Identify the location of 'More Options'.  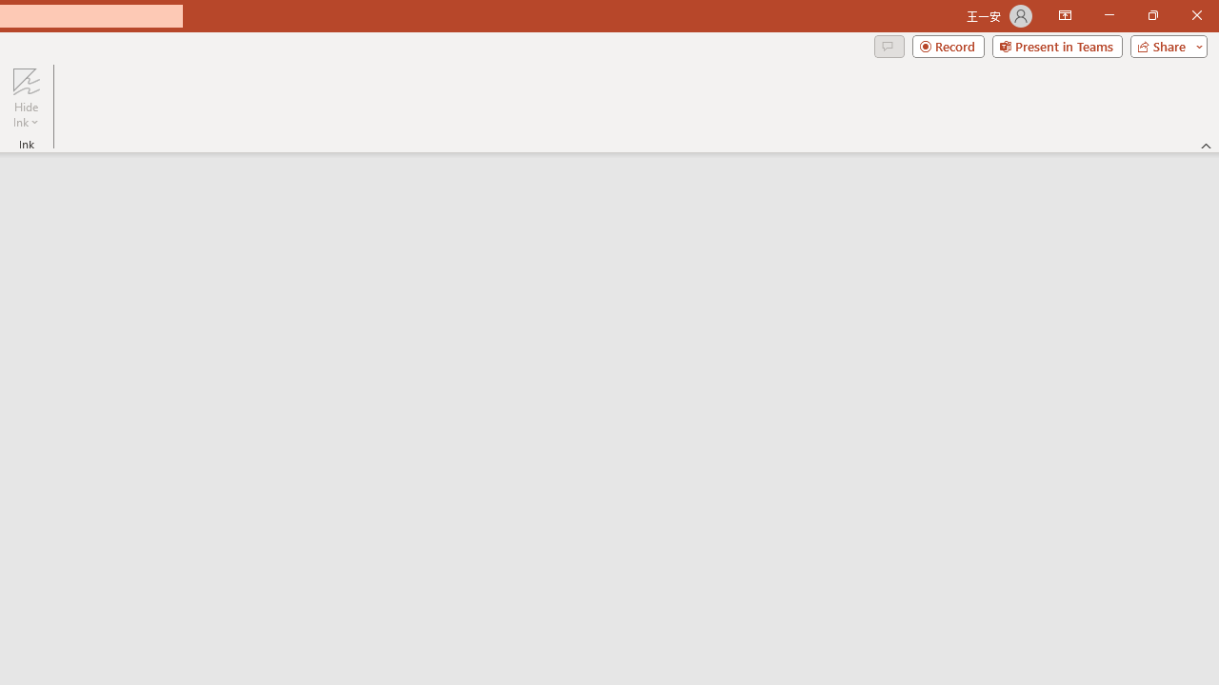
(26, 115).